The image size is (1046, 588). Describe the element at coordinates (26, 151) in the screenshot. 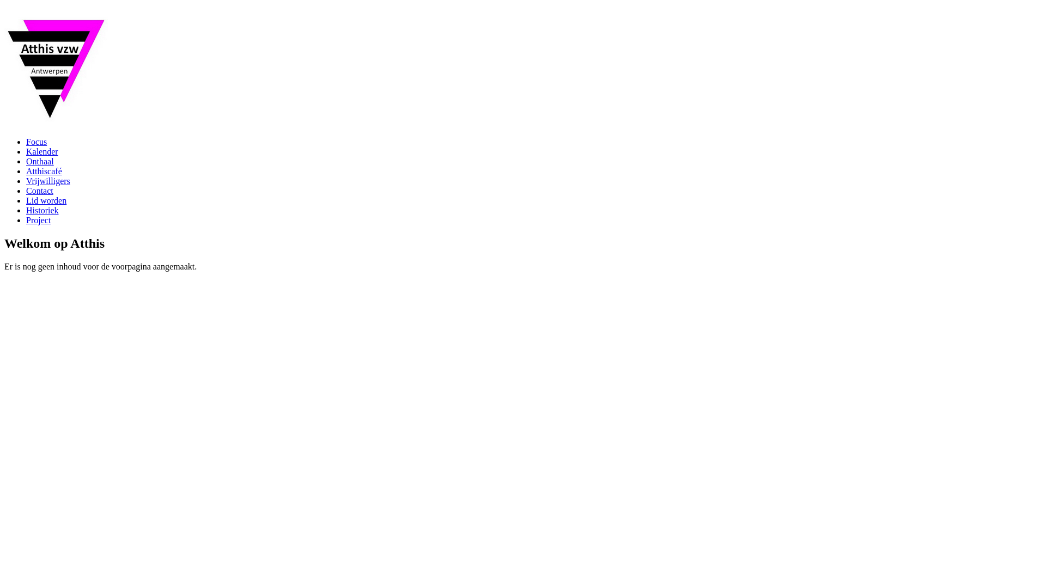

I see `'Kalender'` at that location.